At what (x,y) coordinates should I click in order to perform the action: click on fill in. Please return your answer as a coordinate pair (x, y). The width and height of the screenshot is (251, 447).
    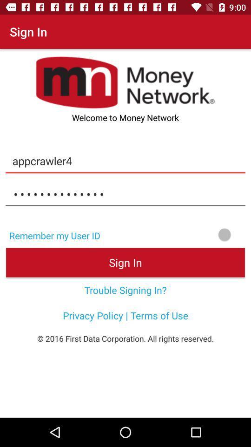
    Looking at the image, I should click on (178, 234).